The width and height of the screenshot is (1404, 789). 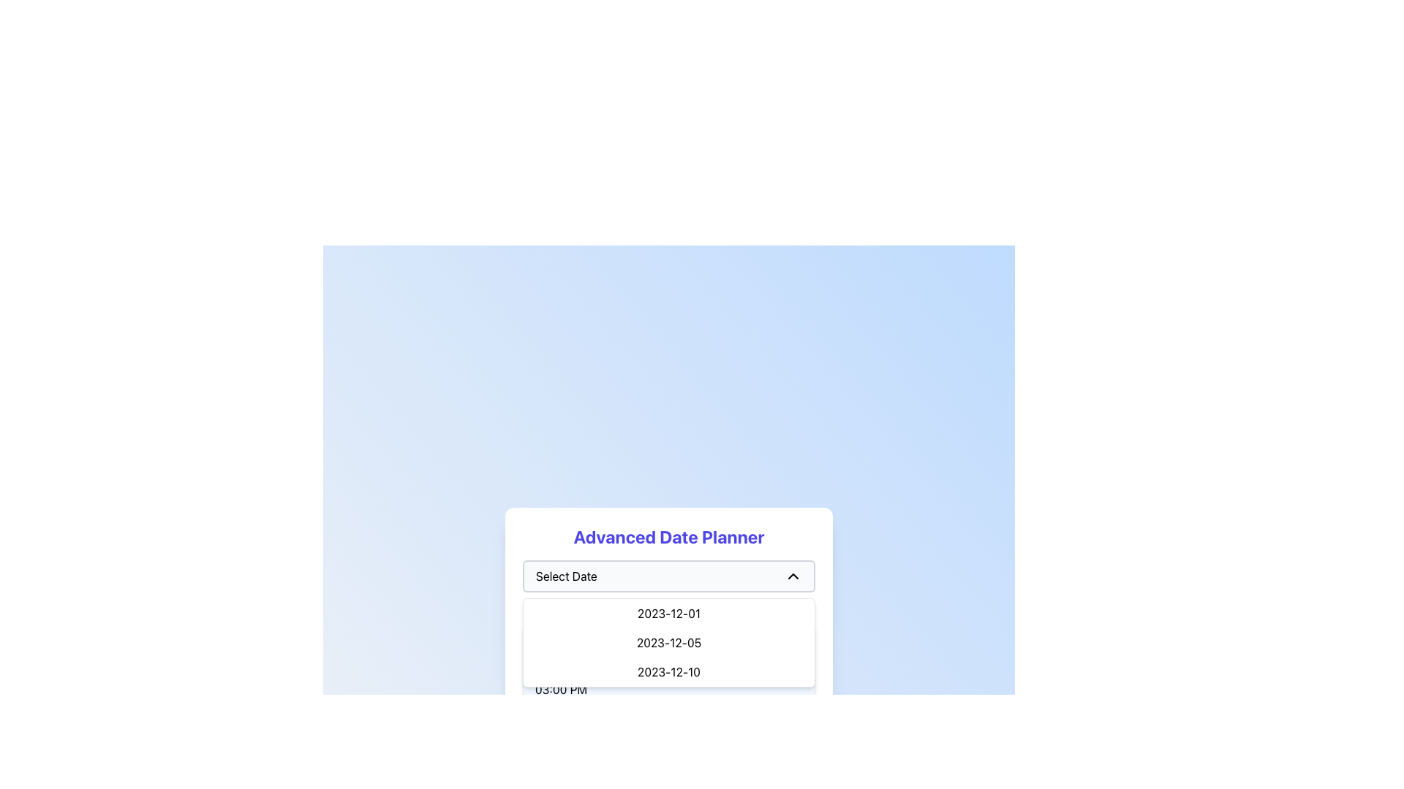 I want to click on the dropdown menu located below the title 'Advanced Date Planner', so click(x=668, y=576).